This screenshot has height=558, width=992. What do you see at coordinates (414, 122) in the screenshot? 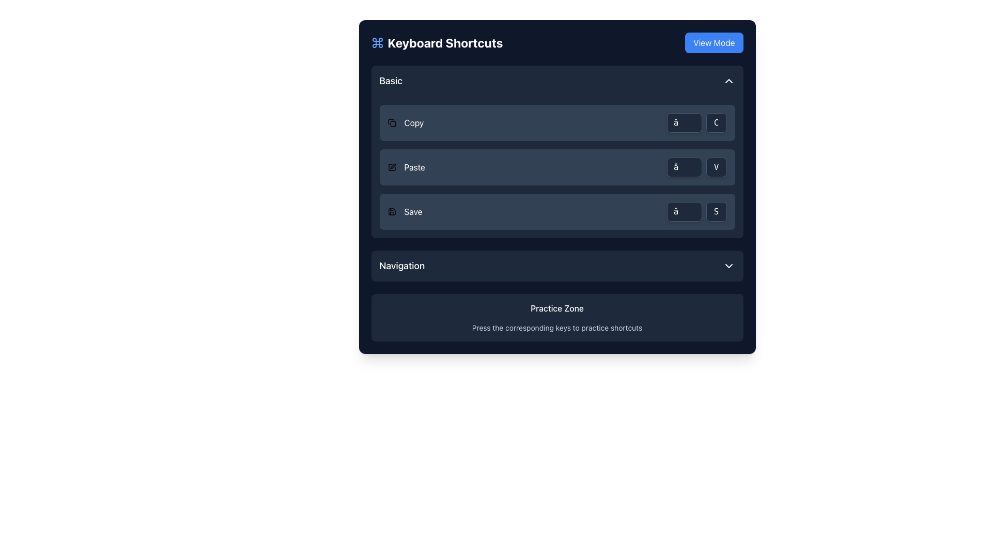
I see `the text label that says 'Copy', which is styled in white font against a dark background, located in the 'Keyboard Shortcuts' section under 'Basic'` at bounding box center [414, 122].